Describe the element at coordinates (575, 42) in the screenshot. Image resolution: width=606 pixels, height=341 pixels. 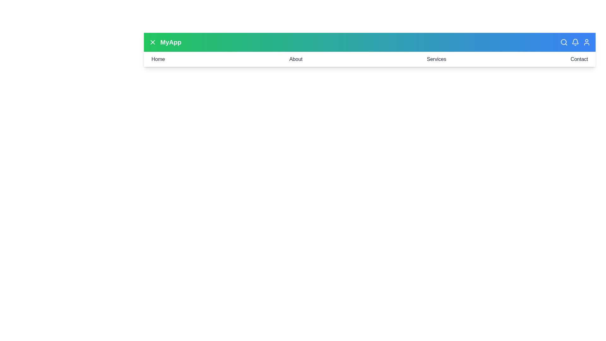
I see `the notifications button in the header` at that location.